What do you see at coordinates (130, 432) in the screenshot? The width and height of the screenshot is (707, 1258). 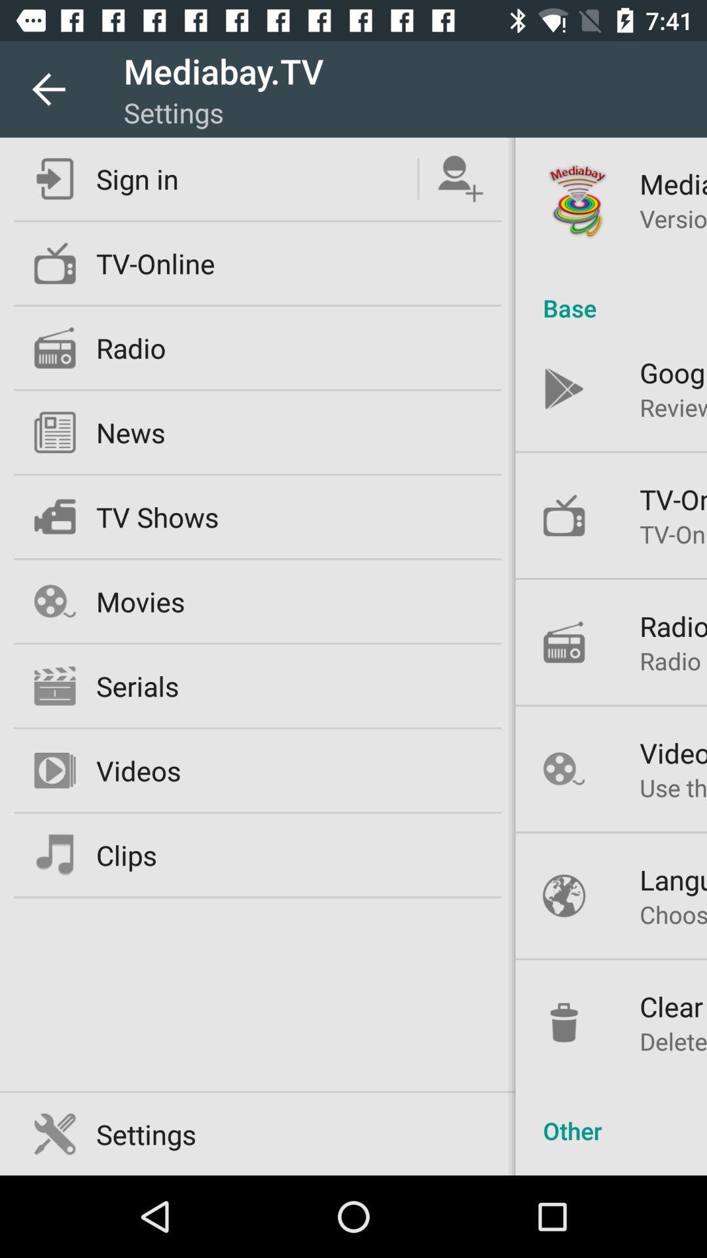 I see `news` at bounding box center [130, 432].